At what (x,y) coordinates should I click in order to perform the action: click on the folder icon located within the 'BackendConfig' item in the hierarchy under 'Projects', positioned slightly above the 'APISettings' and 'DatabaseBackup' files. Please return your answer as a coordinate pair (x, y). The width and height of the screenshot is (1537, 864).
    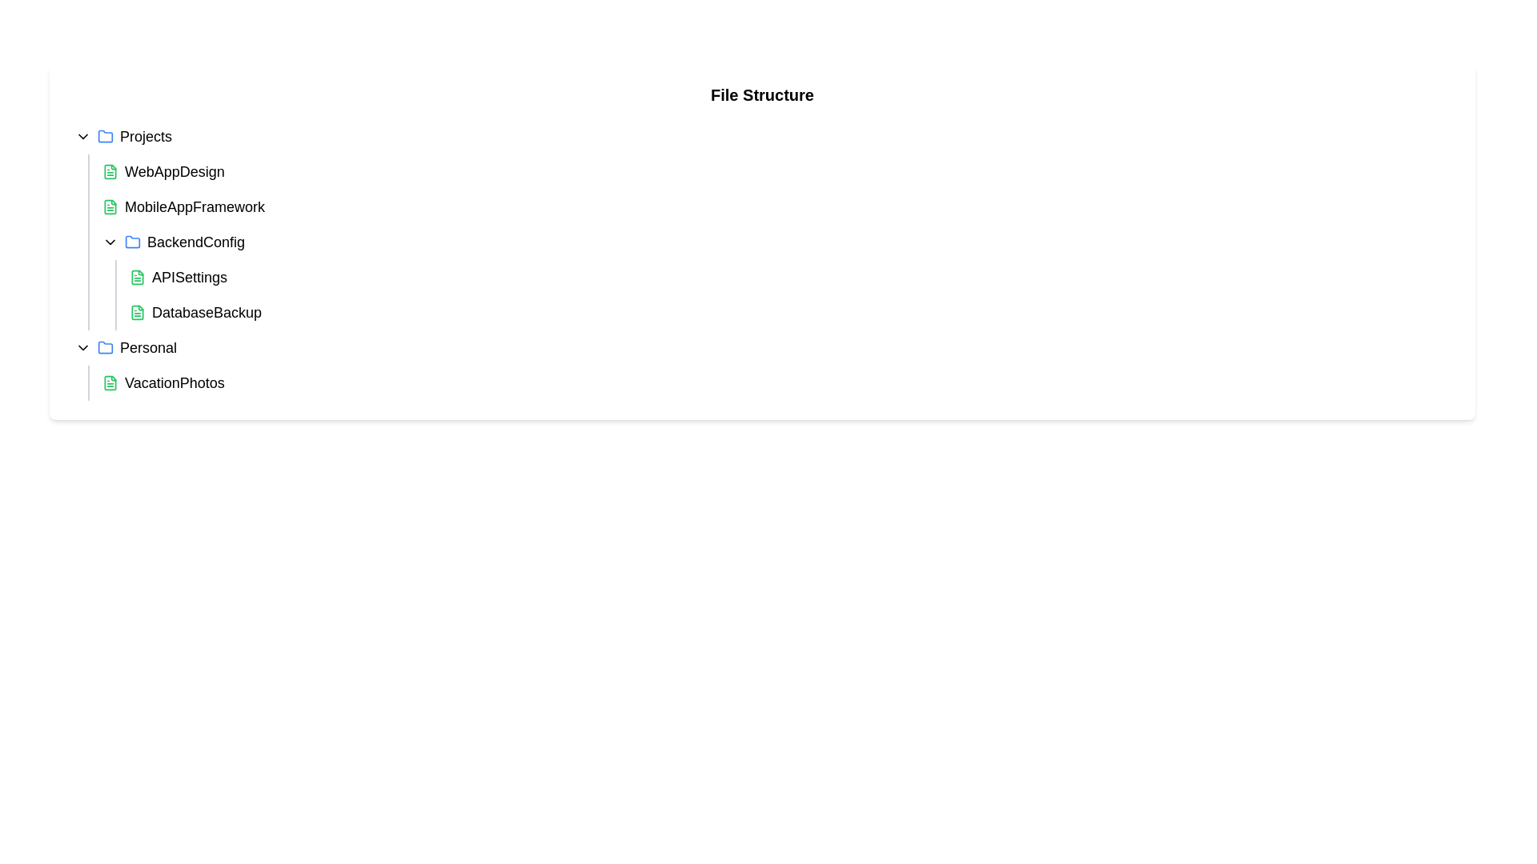
    Looking at the image, I should click on (105, 135).